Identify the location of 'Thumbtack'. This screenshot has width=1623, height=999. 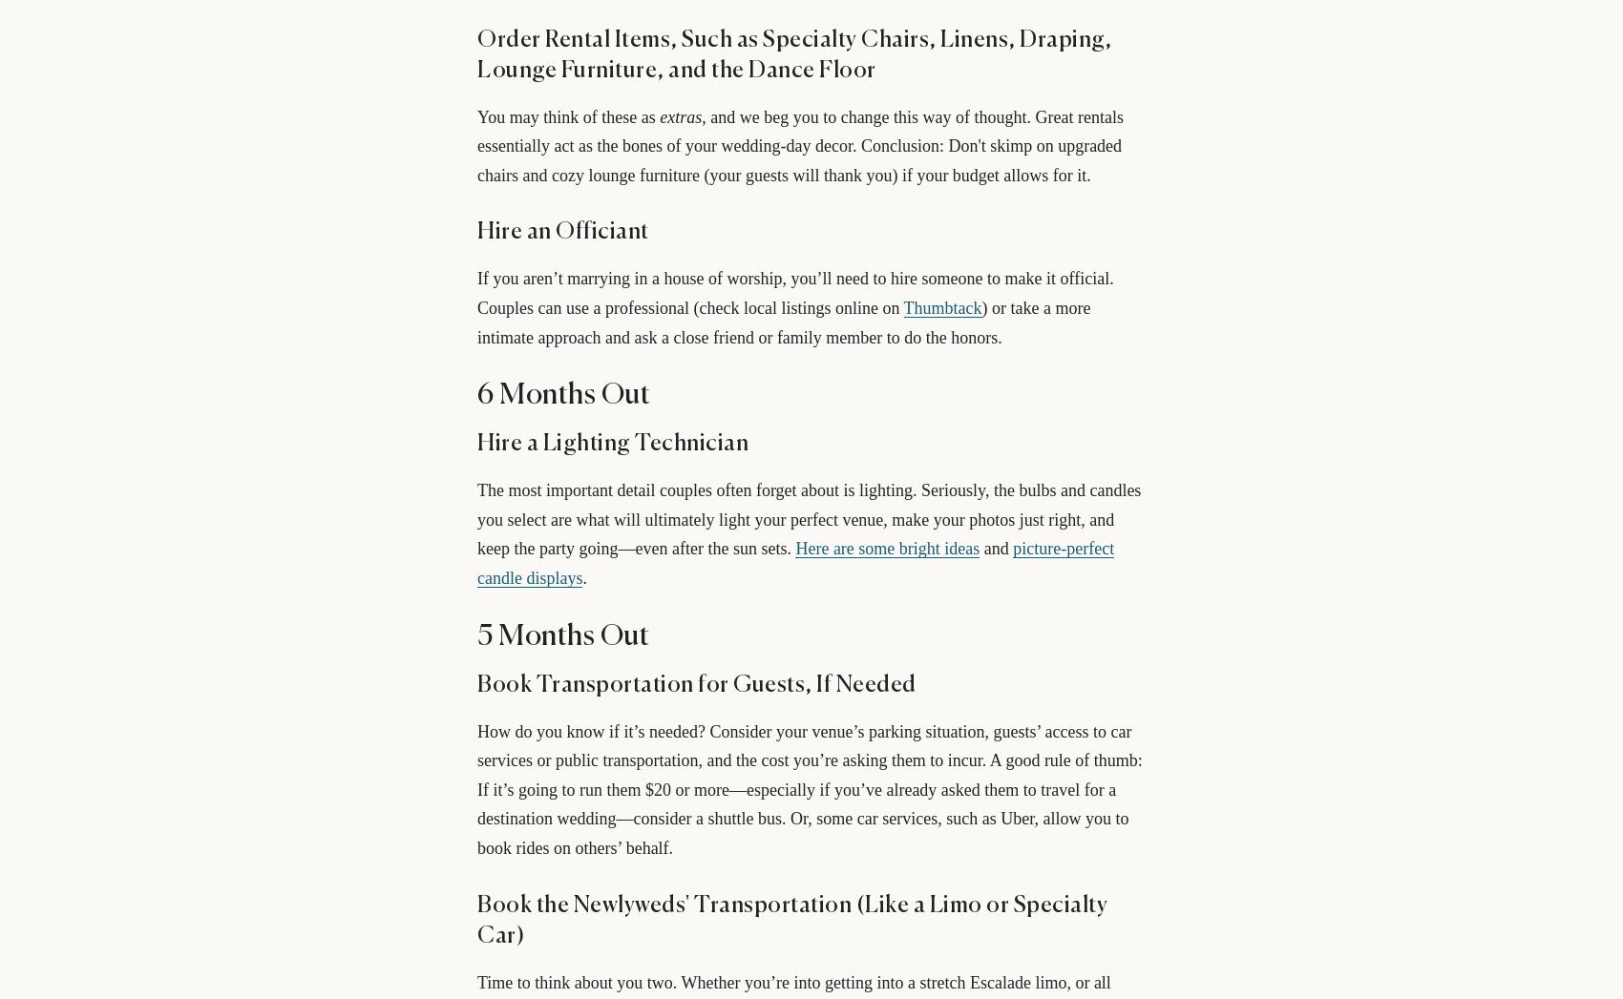
(941, 306).